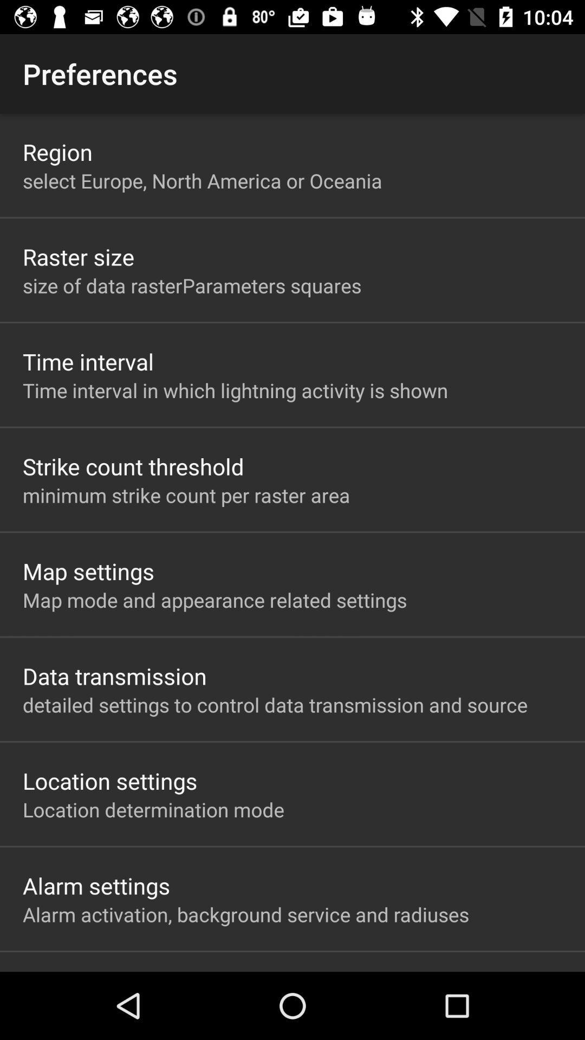 The height and width of the screenshot is (1040, 585). Describe the element at coordinates (214, 599) in the screenshot. I see `the app above the data transmission icon` at that location.